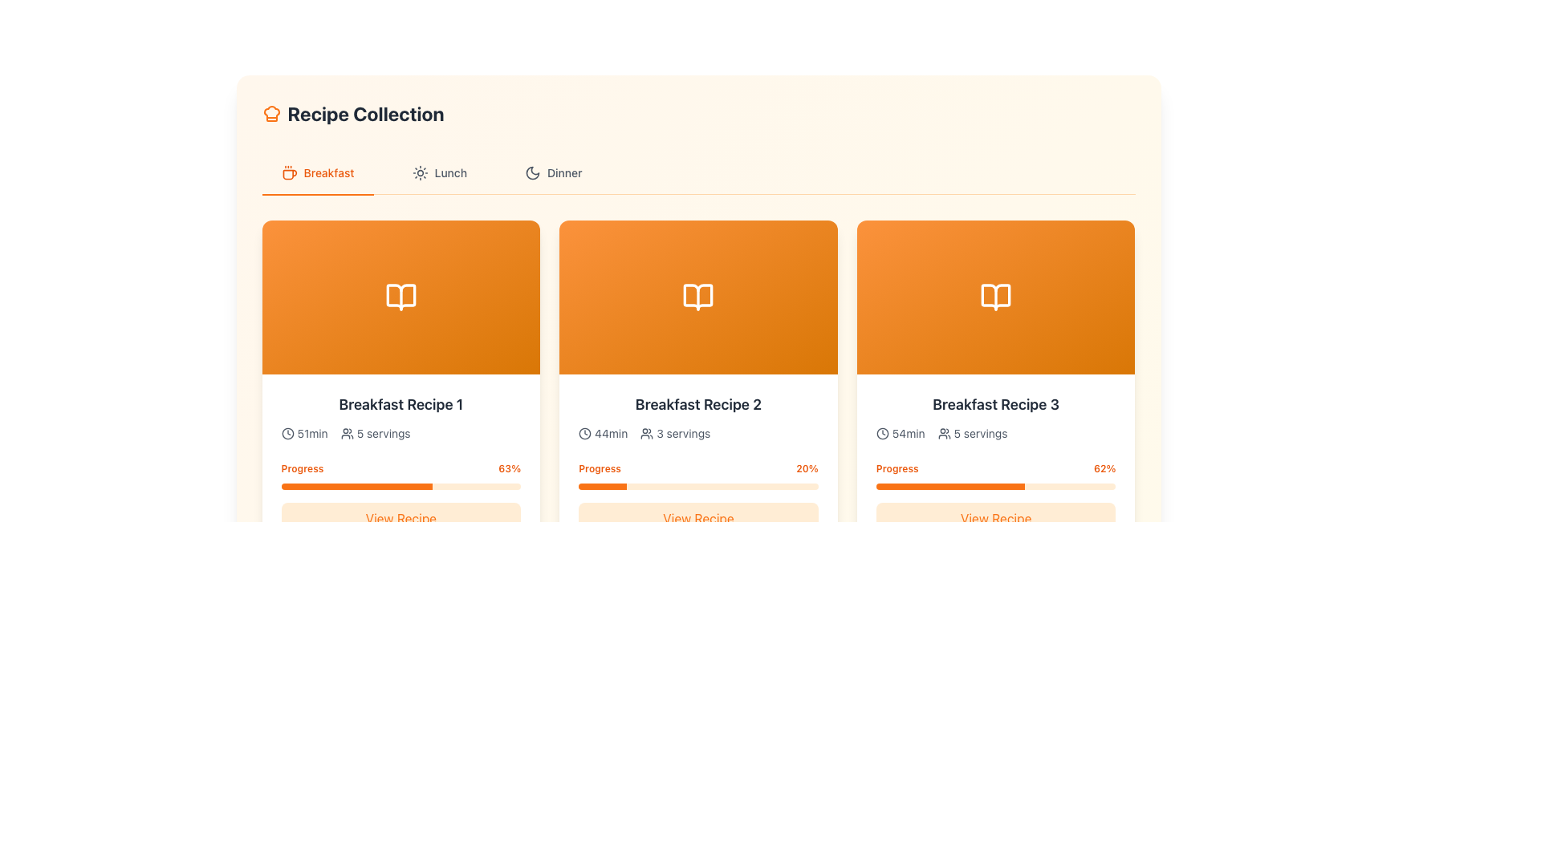  Describe the element at coordinates (553, 173) in the screenshot. I see `the dinner recipes navigation button located in the horizontal tab menu, positioned to the right of the 'Breakfast' and 'Lunch' tabs` at that location.